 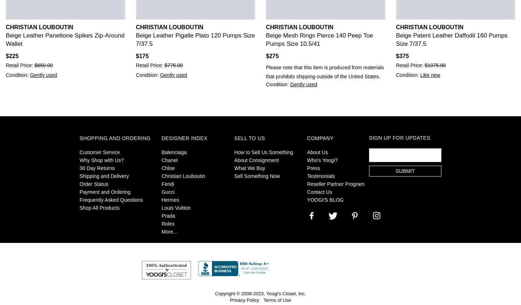 What do you see at coordinates (93, 184) in the screenshot?
I see `'Order Status'` at bounding box center [93, 184].